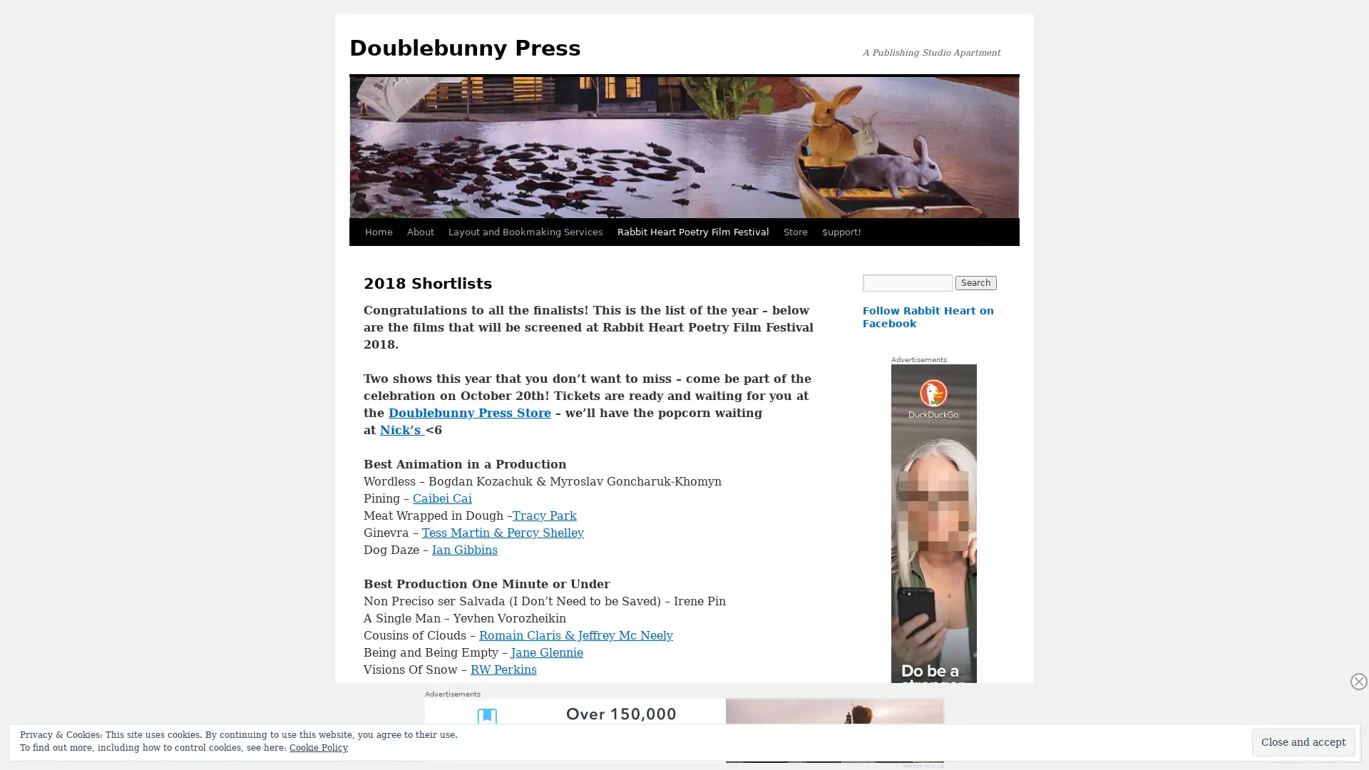 This screenshot has width=1369, height=770. I want to click on Close and accept, so click(1303, 741).